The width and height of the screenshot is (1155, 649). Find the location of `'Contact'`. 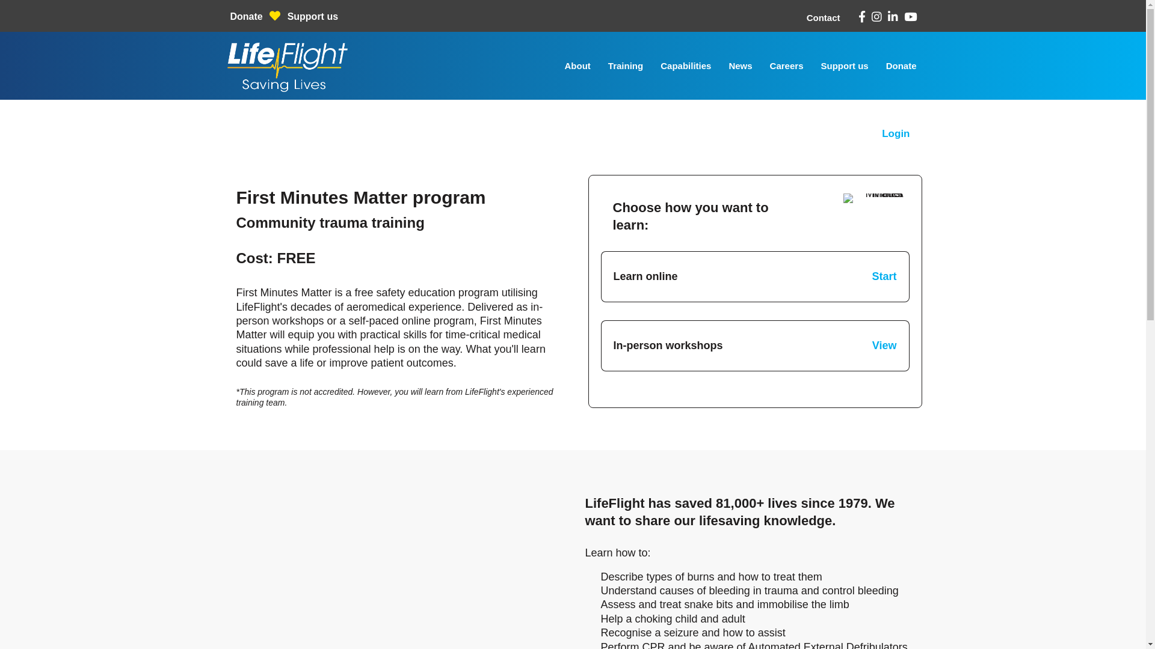

'Contact' is located at coordinates (822, 17).